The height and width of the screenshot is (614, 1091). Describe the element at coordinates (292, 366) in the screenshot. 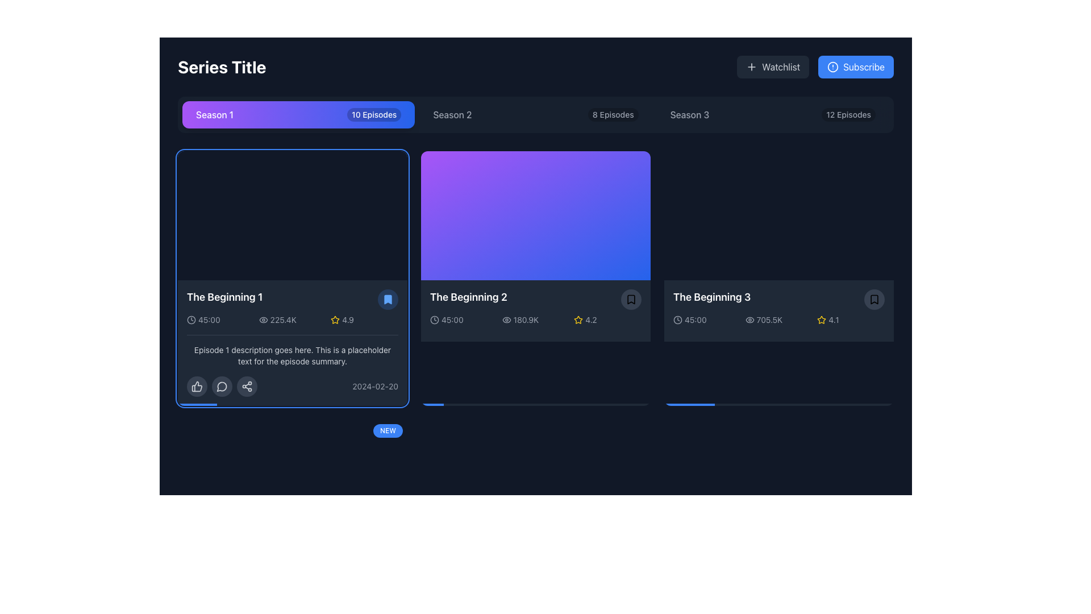

I see `descriptive text block providing episode content and release date for 'The Beginning 1', located beneath the interaction icons within the card` at that location.